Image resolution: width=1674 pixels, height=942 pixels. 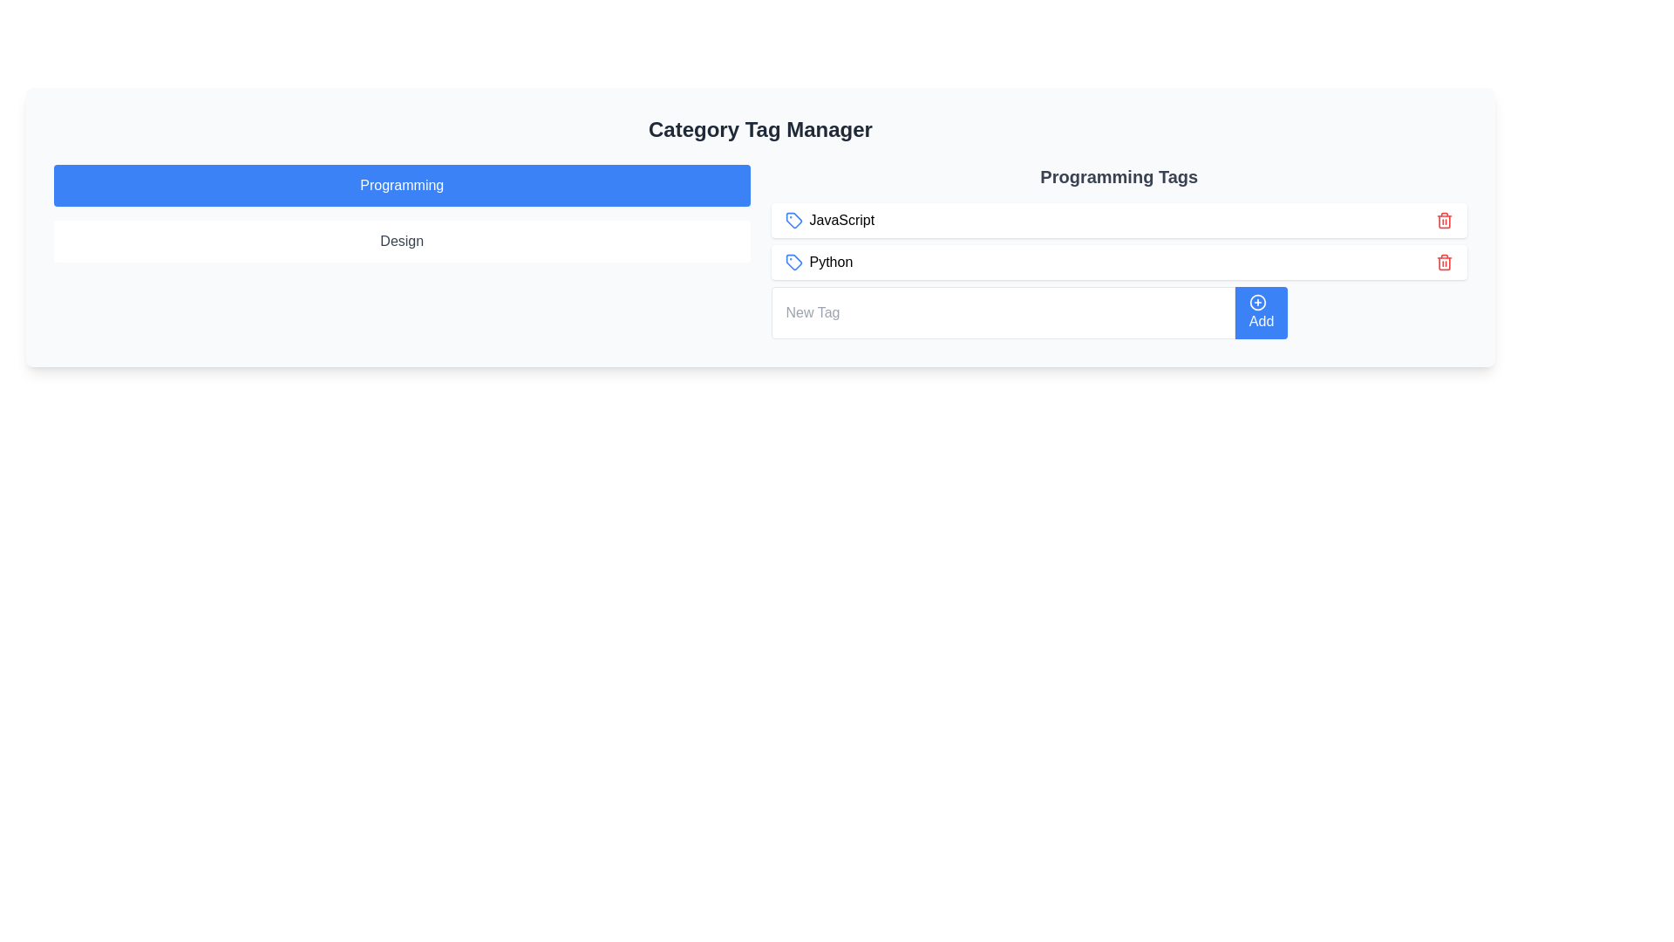 What do you see at coordinates (1119, 262) in the screenshot?
I see `the 'Python' programming tag, which is the second tag listed under the 'Programming Tags' section` at bounding box center [1119, 262].